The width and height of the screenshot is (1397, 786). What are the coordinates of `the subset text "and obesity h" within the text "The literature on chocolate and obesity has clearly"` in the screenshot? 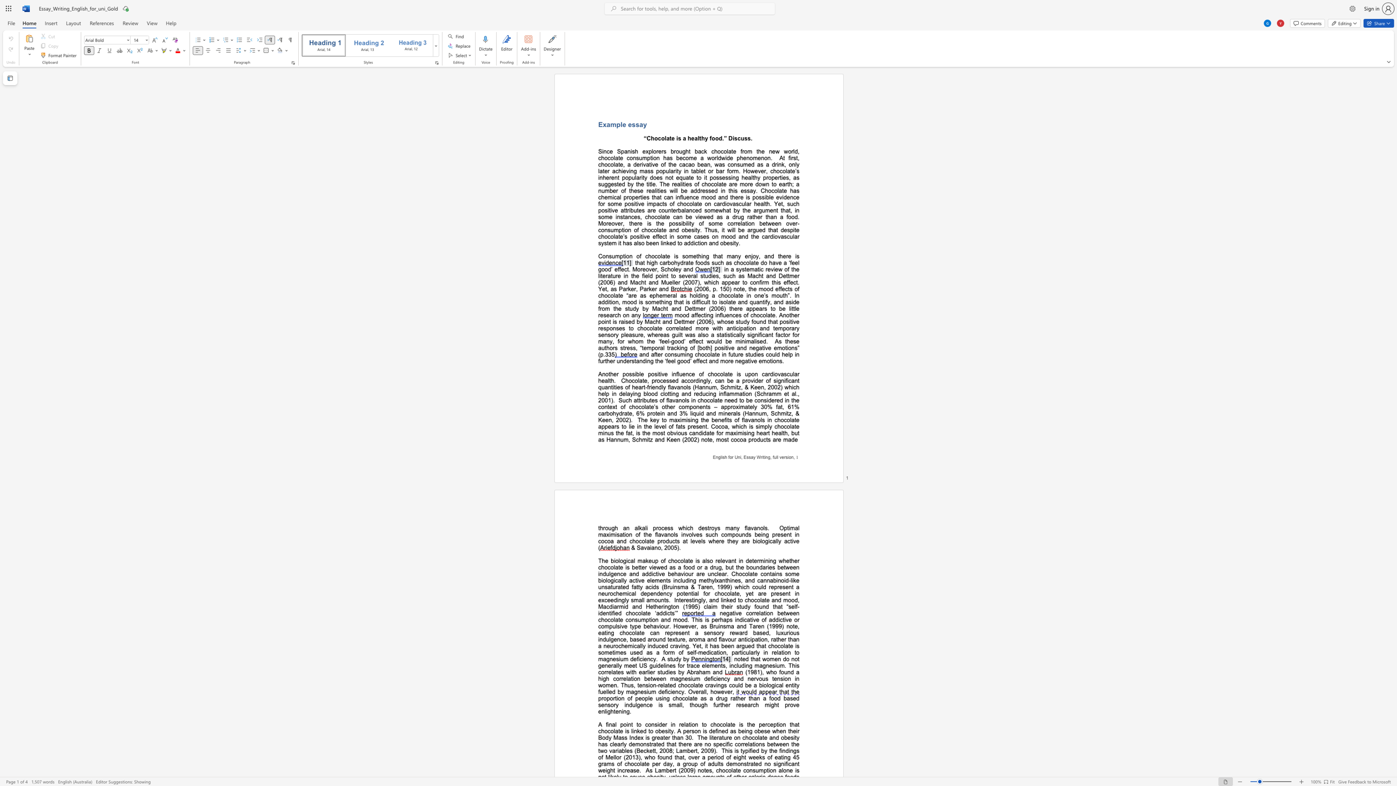 It's located at (768, 737).